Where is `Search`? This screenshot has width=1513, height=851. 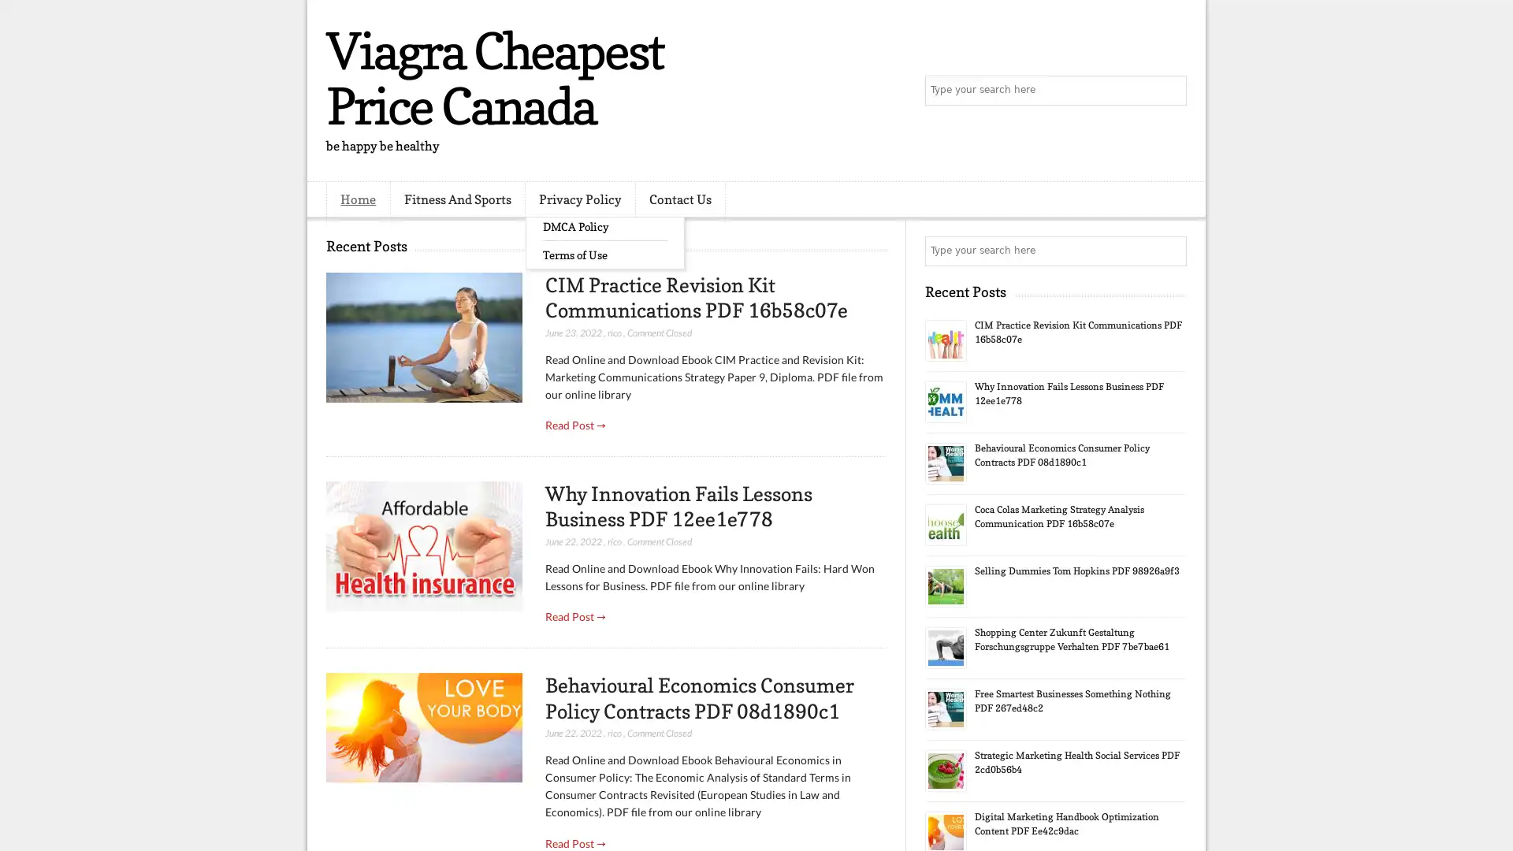
Search is located at coordinates (1170, 91).